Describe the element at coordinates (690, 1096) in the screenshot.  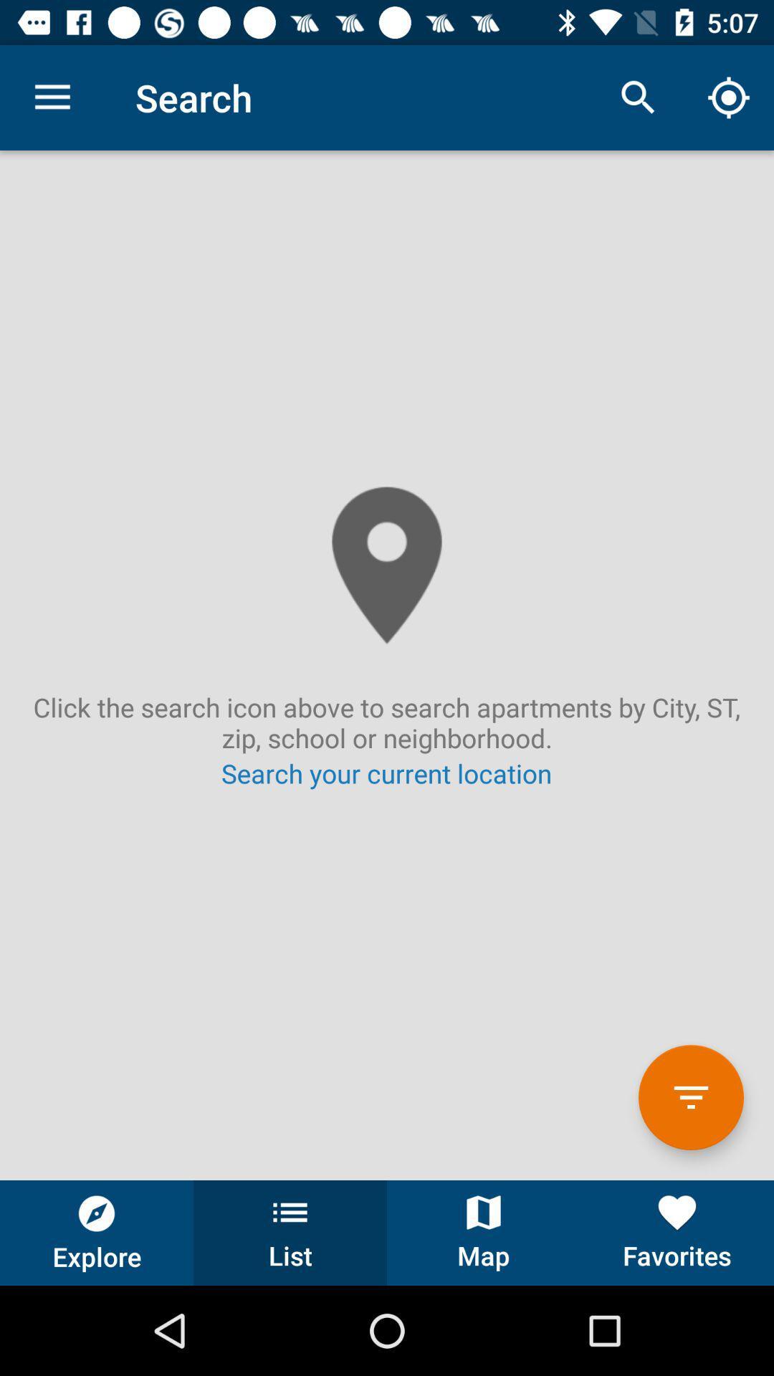
I see `the filter option` at that location.